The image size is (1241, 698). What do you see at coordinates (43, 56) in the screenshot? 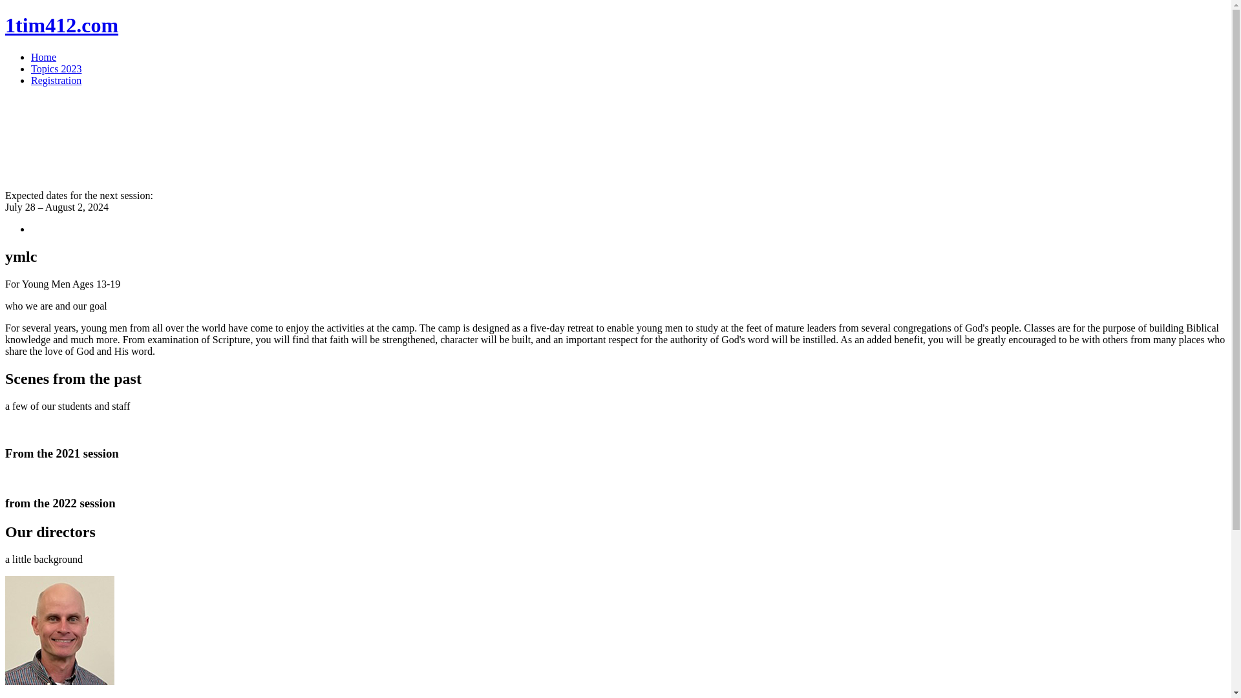
I see `'Home'` at bounding box center [43, 56].